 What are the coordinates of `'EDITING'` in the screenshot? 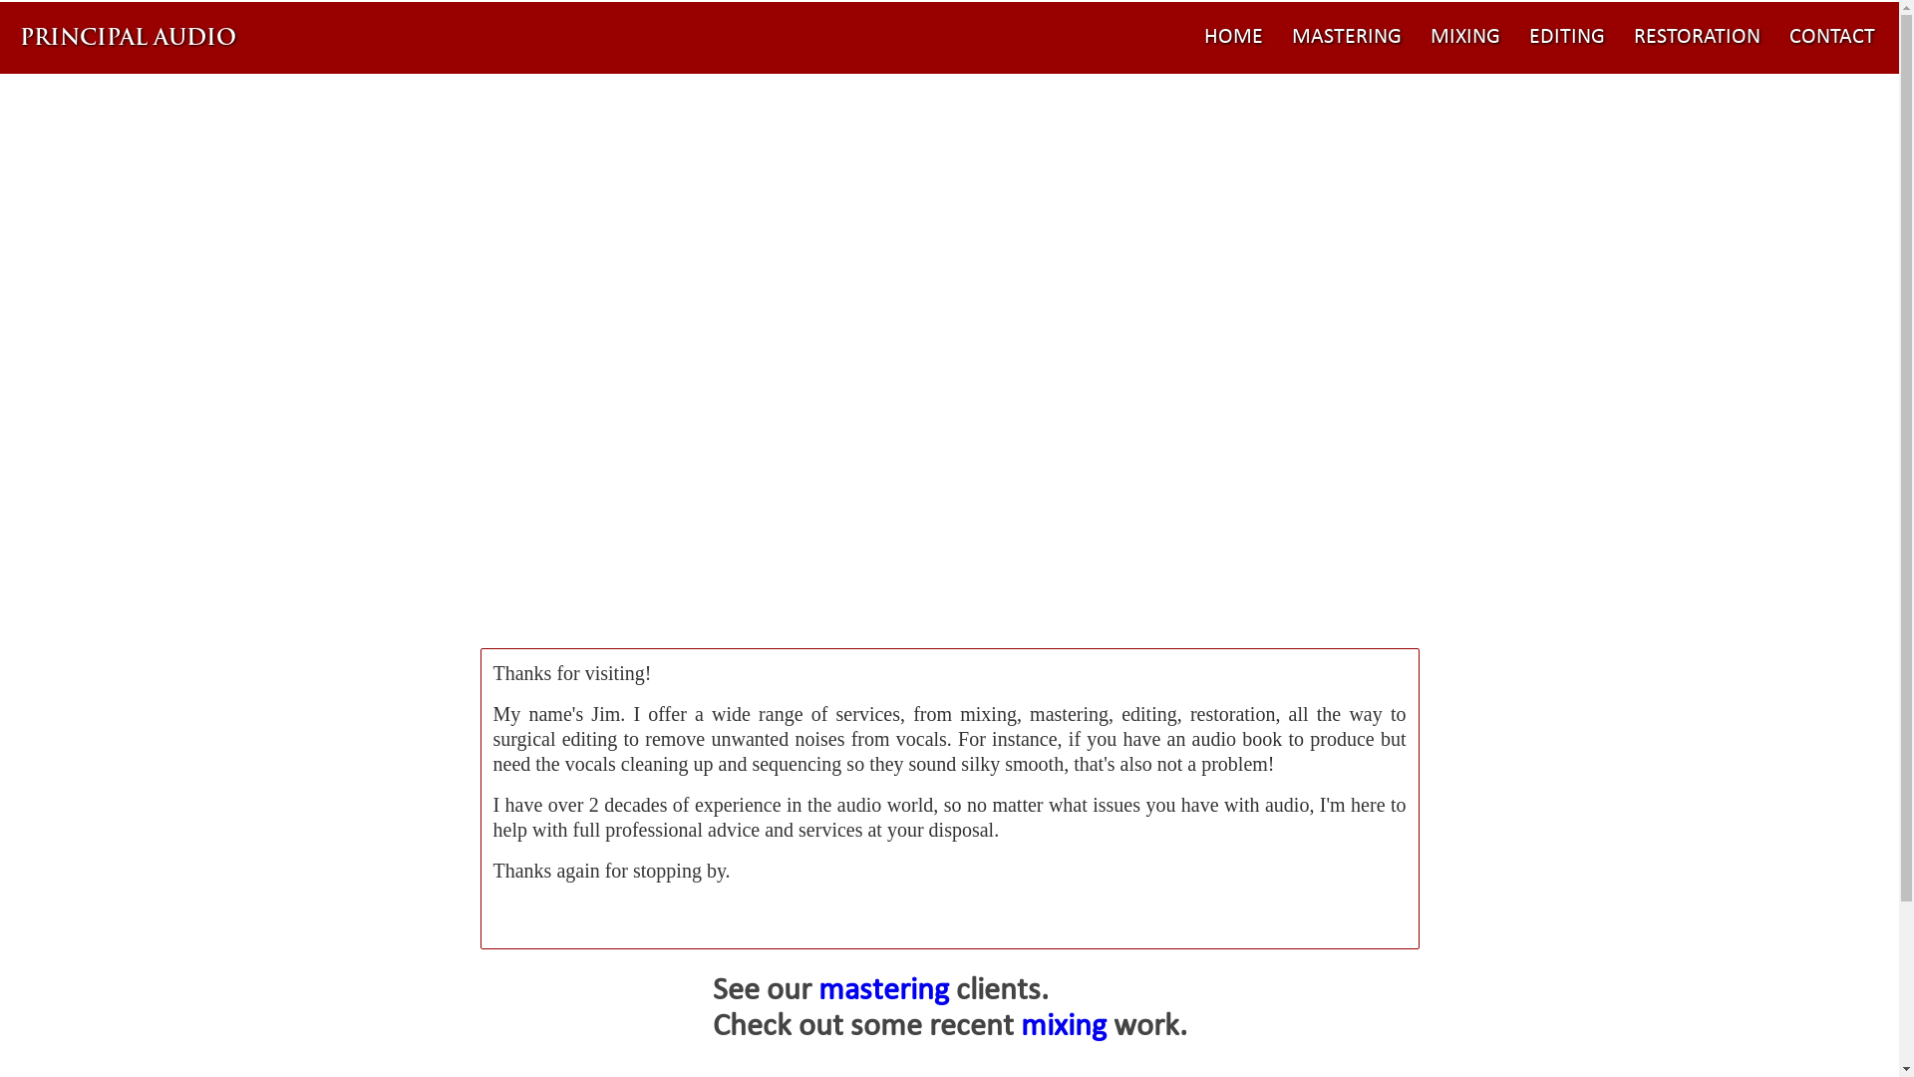 It's located at (1566, 37).